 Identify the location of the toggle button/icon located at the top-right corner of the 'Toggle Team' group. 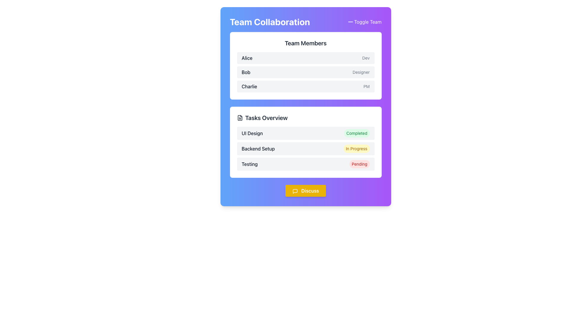
(351, 21).